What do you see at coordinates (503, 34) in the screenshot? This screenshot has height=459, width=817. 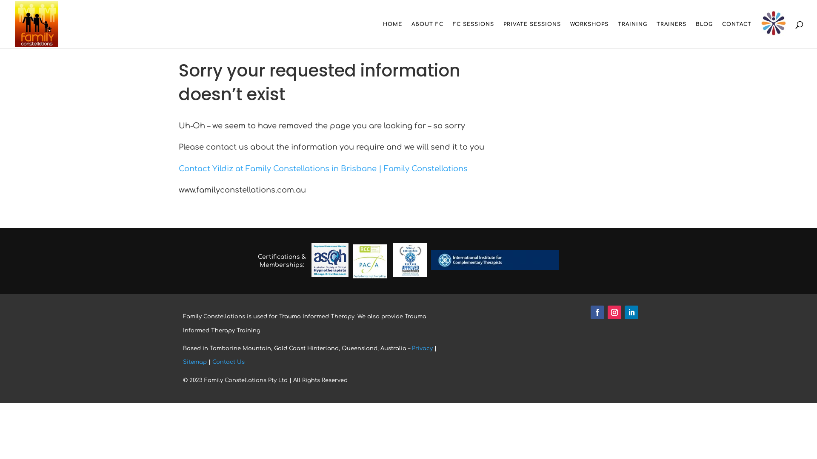 I see `'PRIVATE SESSIONS'` at bounding box center [503, 34].